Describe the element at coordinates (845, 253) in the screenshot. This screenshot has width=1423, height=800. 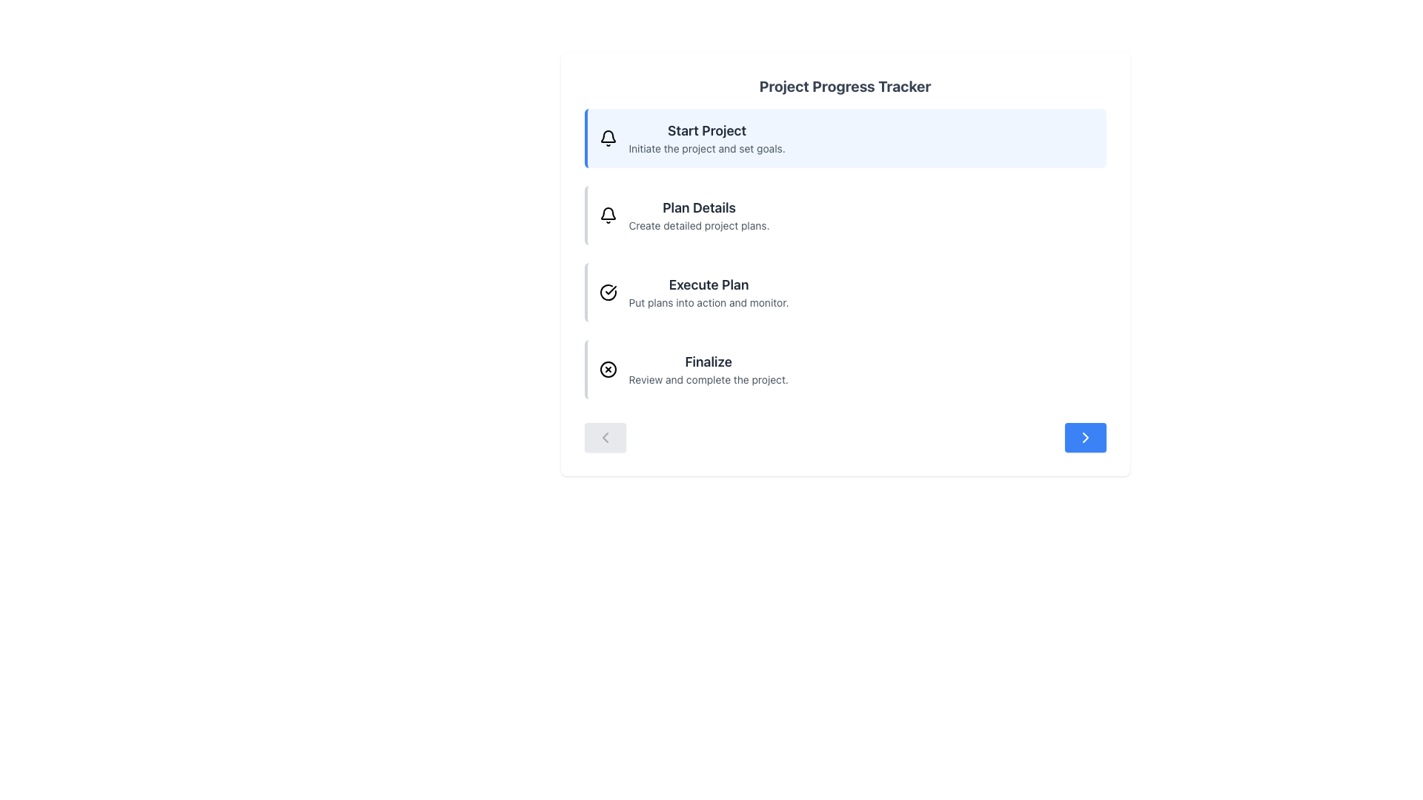
I see `the project progress tracker list component, which presents a vertical list of steps for navigation and interaction` at that location.